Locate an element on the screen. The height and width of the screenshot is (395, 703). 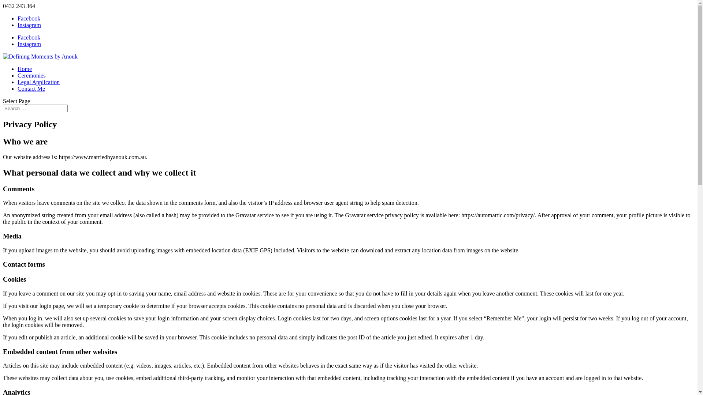
'Home' is located at coordinates (25, 69).